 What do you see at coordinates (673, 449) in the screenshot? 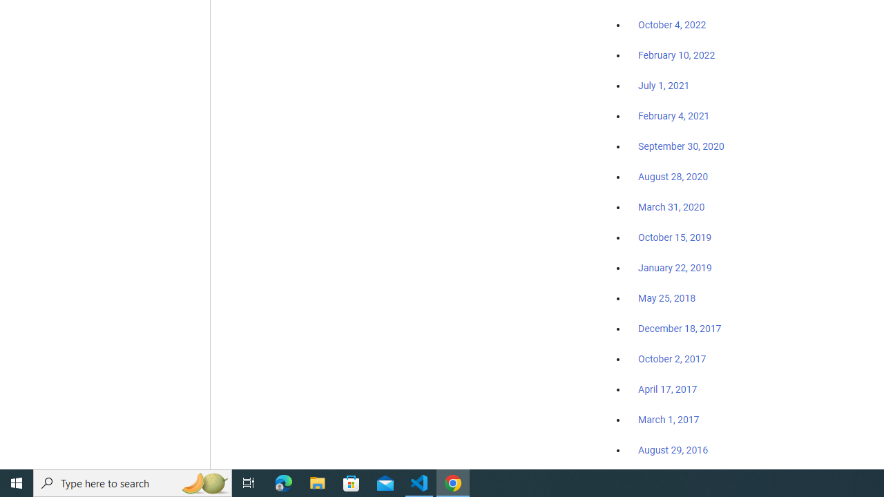
I see `'August 29, 2016'` at bounding box center [673, 449].